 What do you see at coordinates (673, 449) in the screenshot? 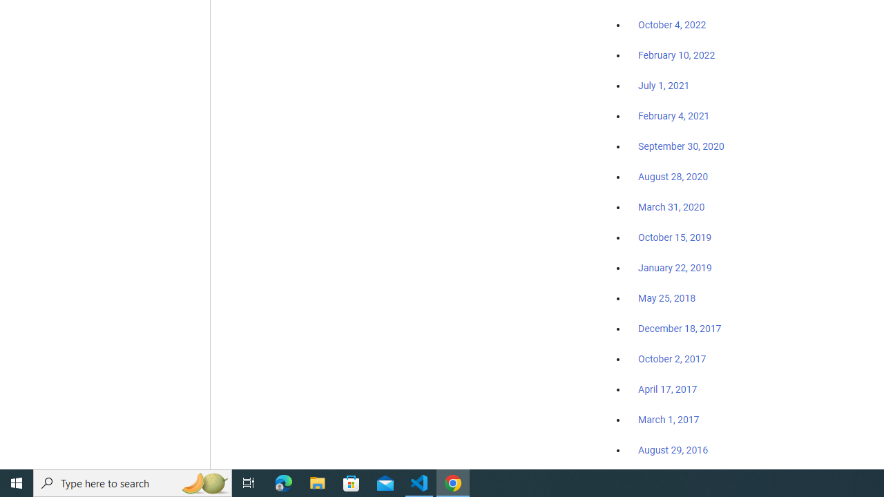
I see `'August 29, 2016'` at bounding box center [673, 449].